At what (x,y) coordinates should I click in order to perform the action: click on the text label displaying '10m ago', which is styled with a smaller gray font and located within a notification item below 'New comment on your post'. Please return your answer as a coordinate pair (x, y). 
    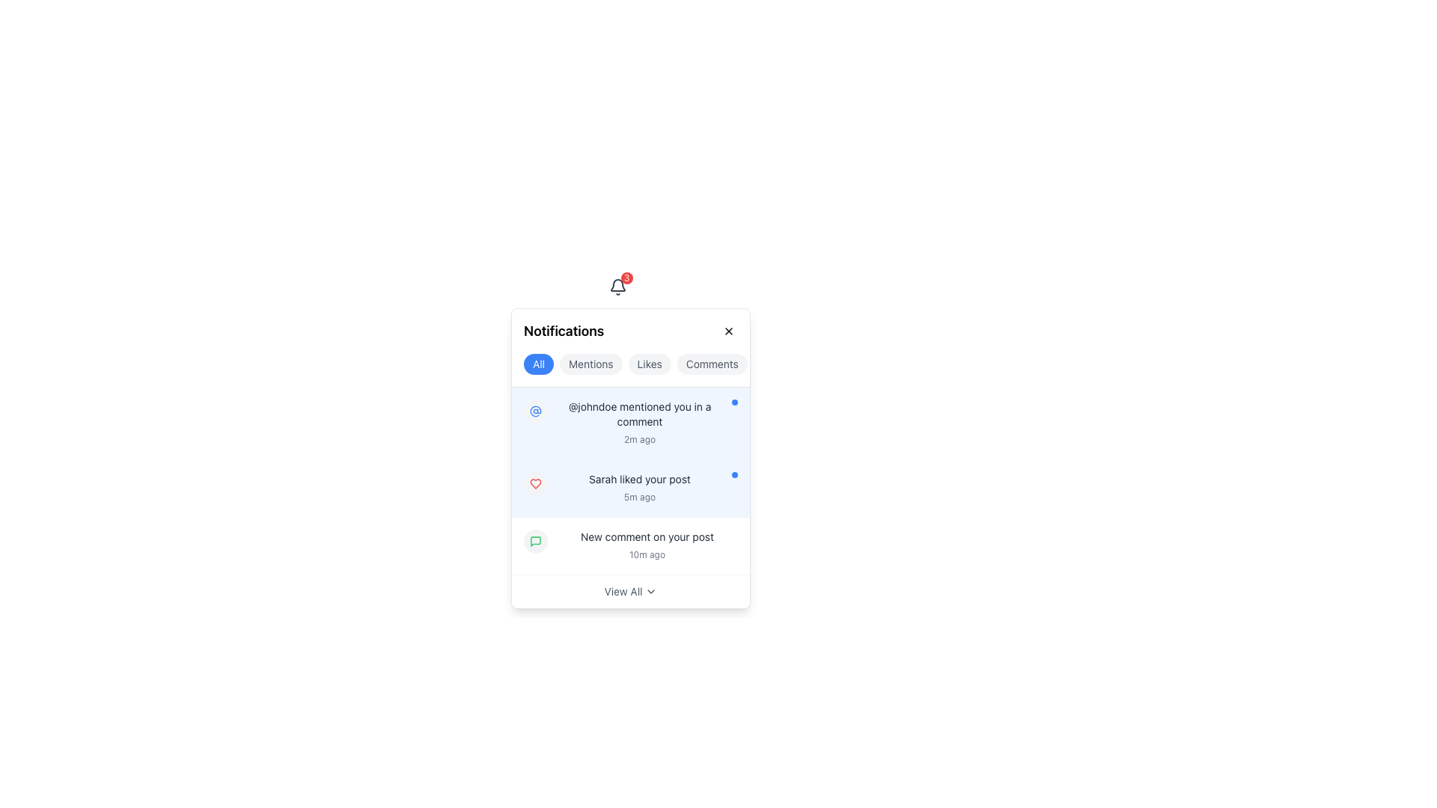
    Looking at the image, I should click on (647, 554).